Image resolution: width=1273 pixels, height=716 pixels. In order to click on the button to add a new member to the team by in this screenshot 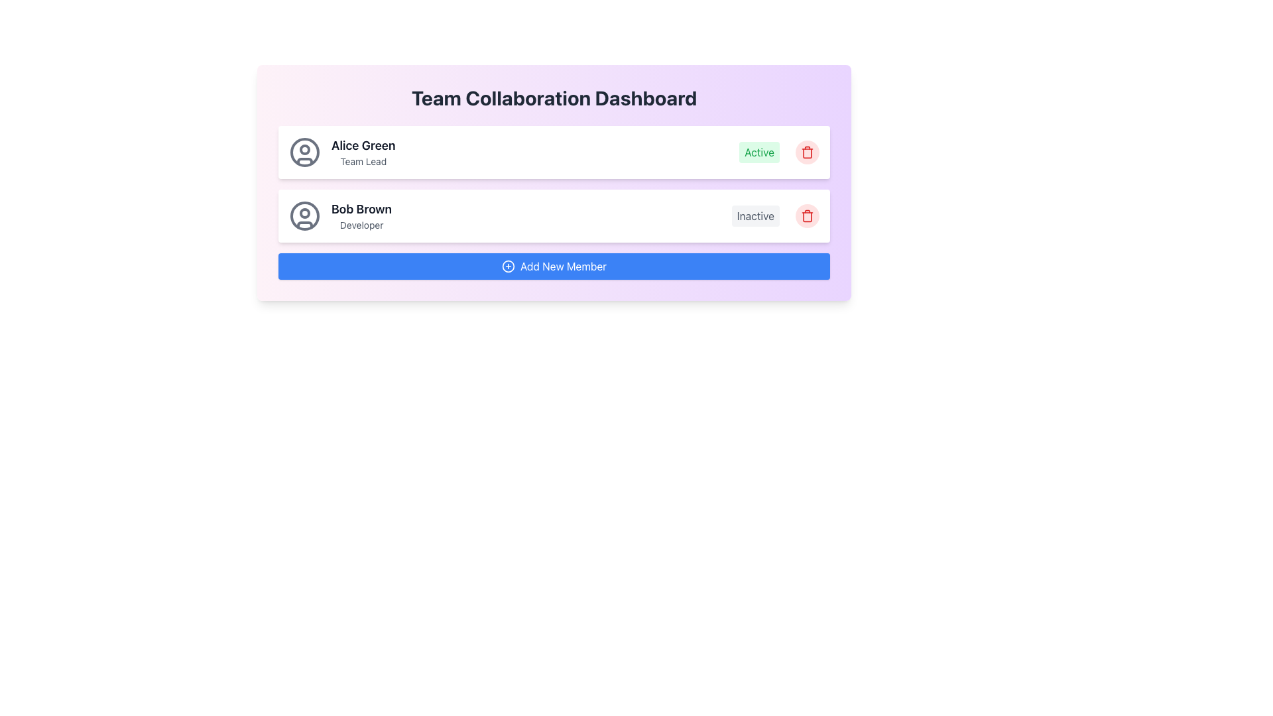, I will do `click(554, 266)`.